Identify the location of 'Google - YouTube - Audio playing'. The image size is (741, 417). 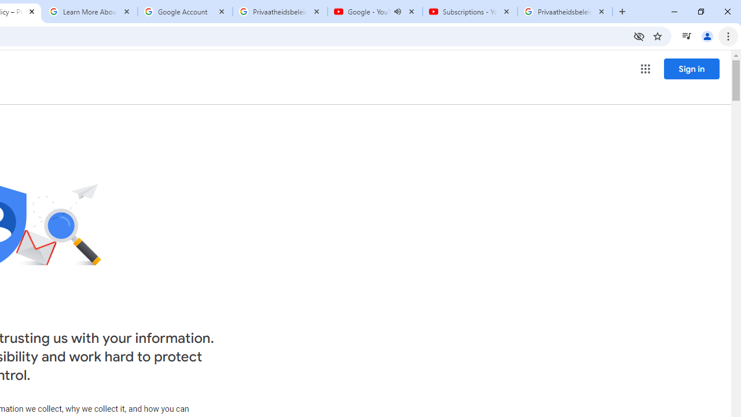
(375, 12).